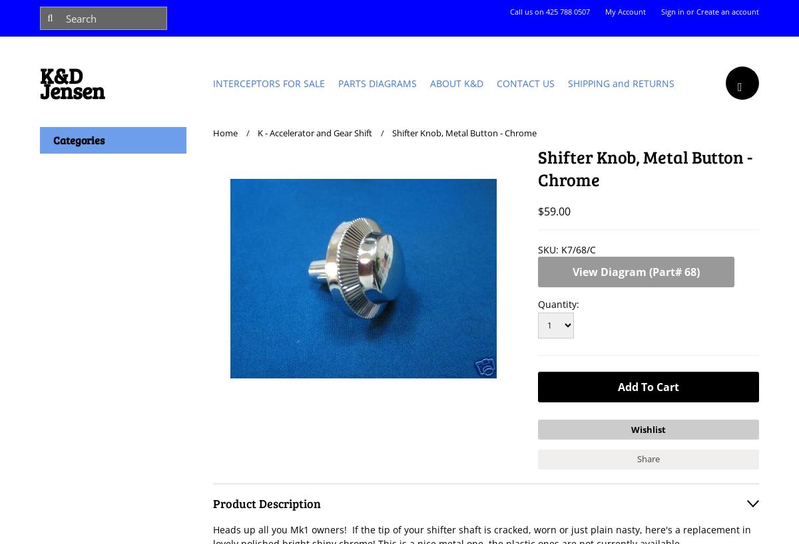 This screenshot has width=799, height=544. I want to click on '425 788 0507', so click(567, 11).